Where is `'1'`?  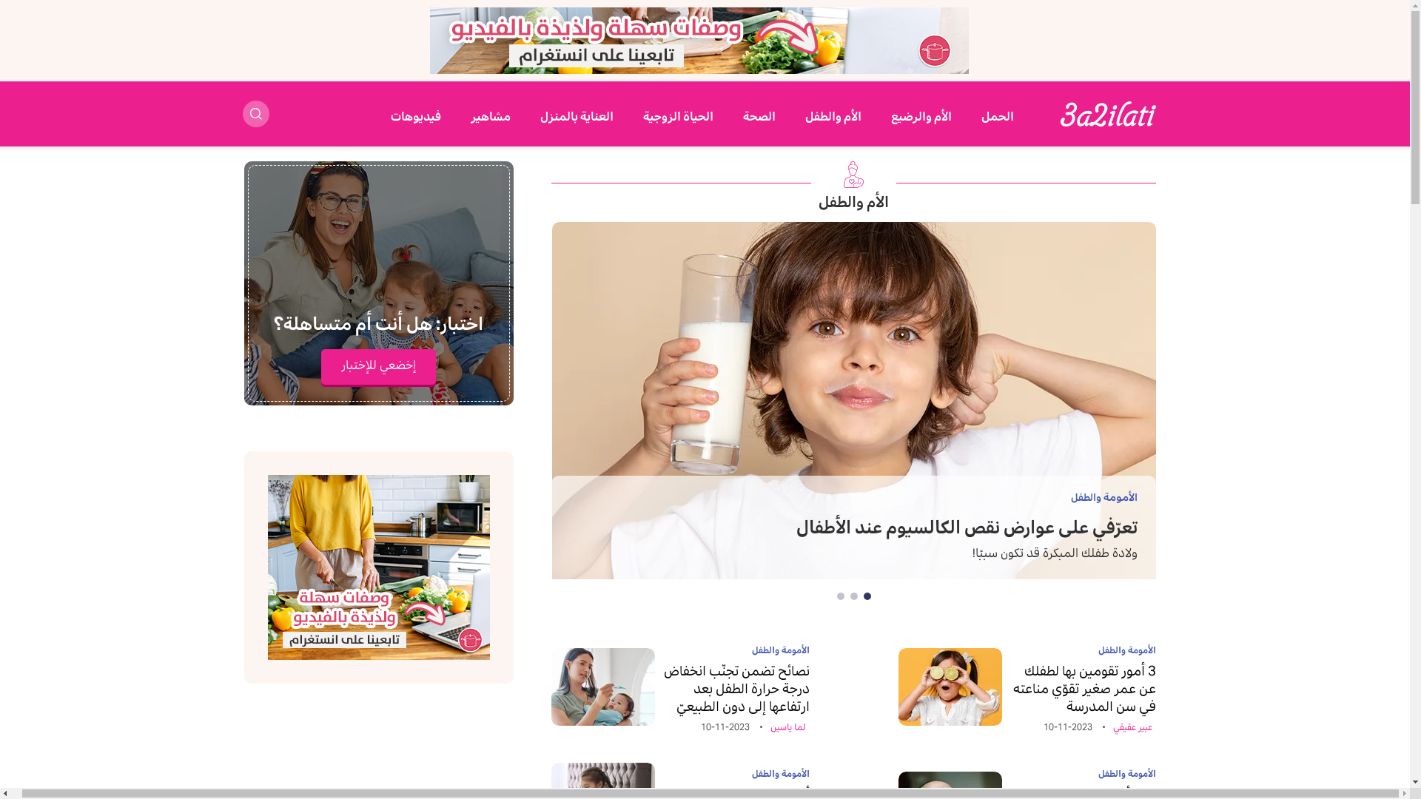 '1' is located at coordinates (867, 596).